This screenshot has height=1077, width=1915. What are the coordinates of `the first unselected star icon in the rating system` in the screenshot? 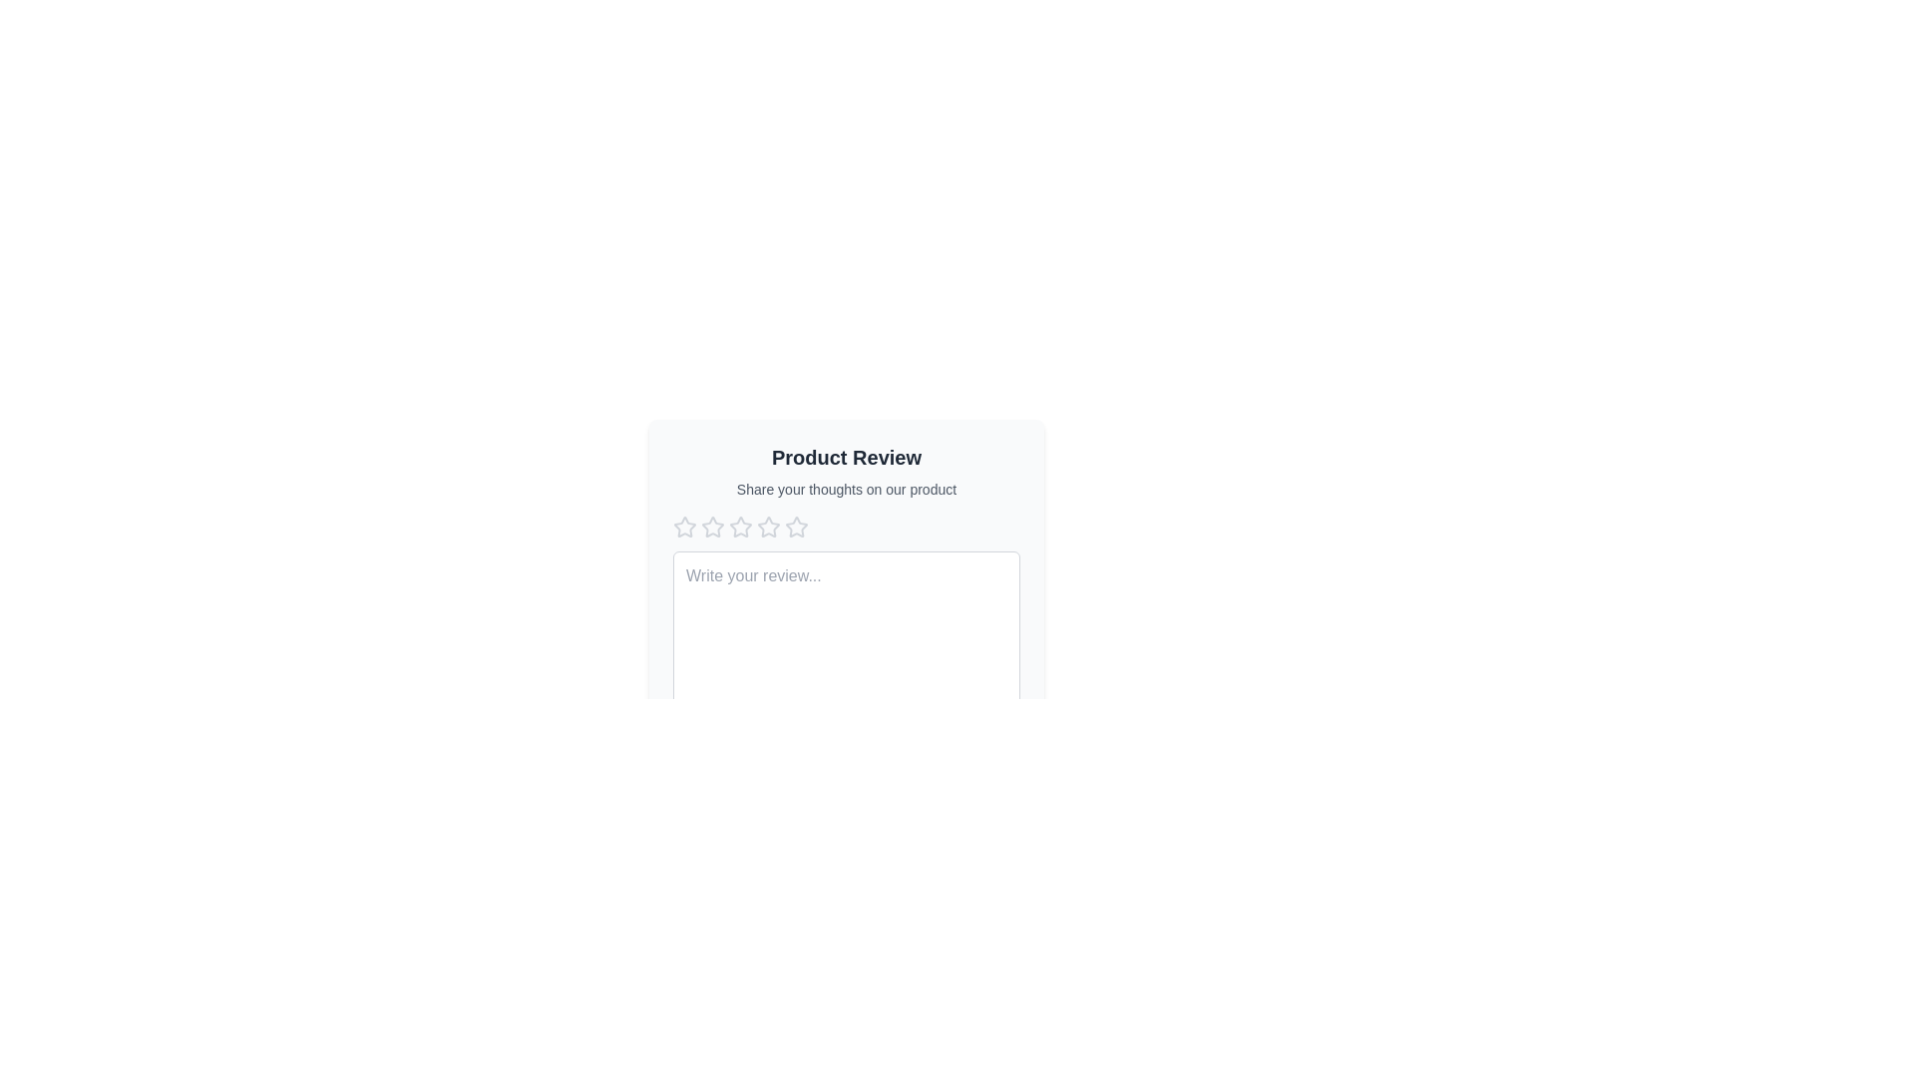 It's located at (684, 526).